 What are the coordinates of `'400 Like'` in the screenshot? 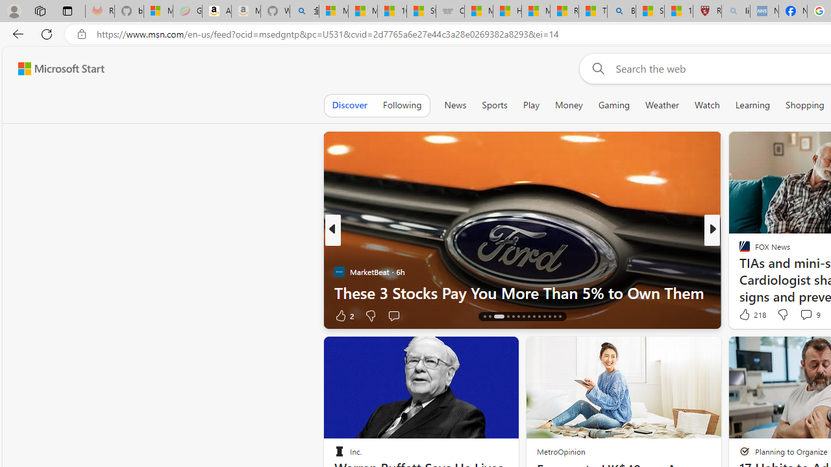 It's located at (748, 315).